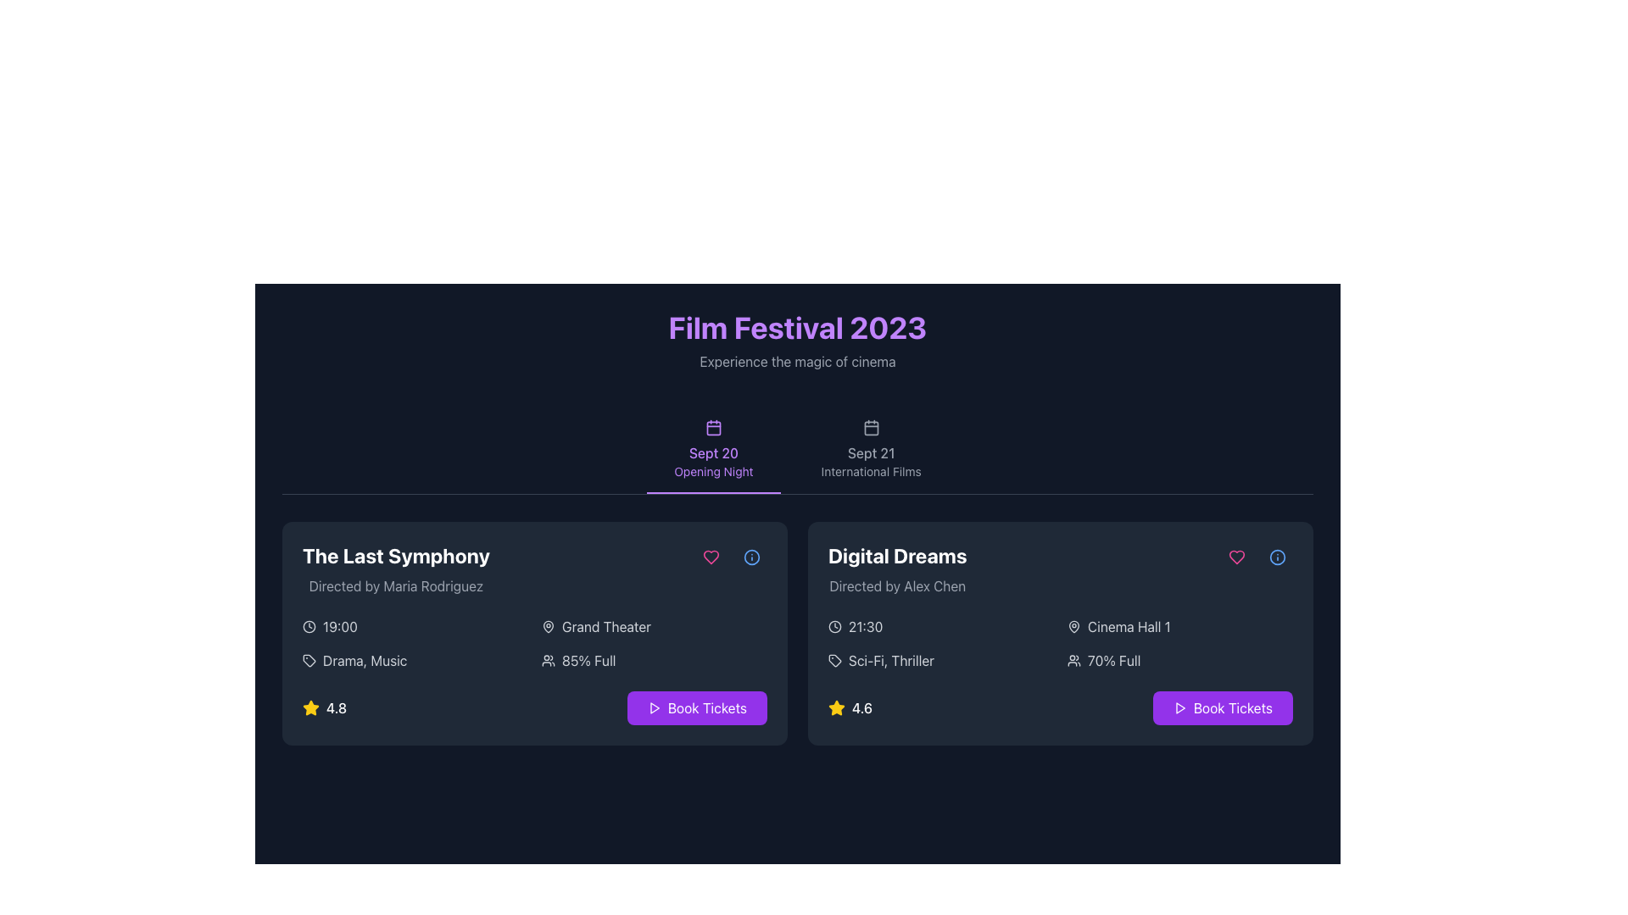 Image resolution: width=1628 pixels, height=915 pixels. Describe the element at coordinates (866, 627) in the screenshot. I see `time displayed as '21:30' in the right information panel titled 'Digital Dreams', located under the title and near the top left of the panel, next to a clock icon` at that location.